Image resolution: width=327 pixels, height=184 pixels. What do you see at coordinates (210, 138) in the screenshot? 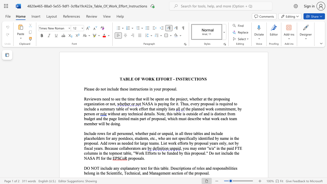
I see `the space between the continuous character "i" and "e" in the text` at bounding box center [210, 138].